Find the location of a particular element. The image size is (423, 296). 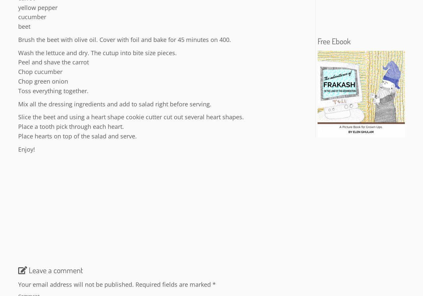

'Place hearts on top of the salad and serve.' is located at coordinates (77, 136).